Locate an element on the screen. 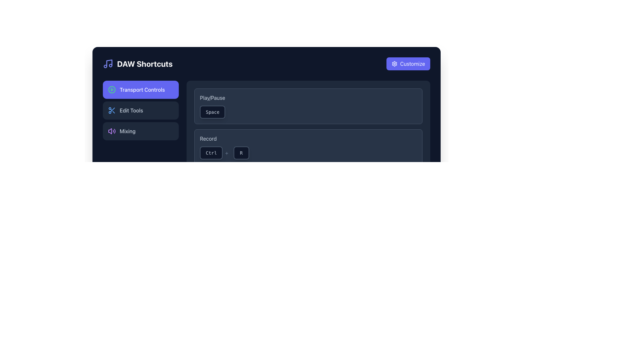 This screenshot has height=350, width=623. the play/transport controls icon located inside the Transport Controls button, specifically to the left of the text label in the left navigation sidebar is located at coordinates (112, 90).